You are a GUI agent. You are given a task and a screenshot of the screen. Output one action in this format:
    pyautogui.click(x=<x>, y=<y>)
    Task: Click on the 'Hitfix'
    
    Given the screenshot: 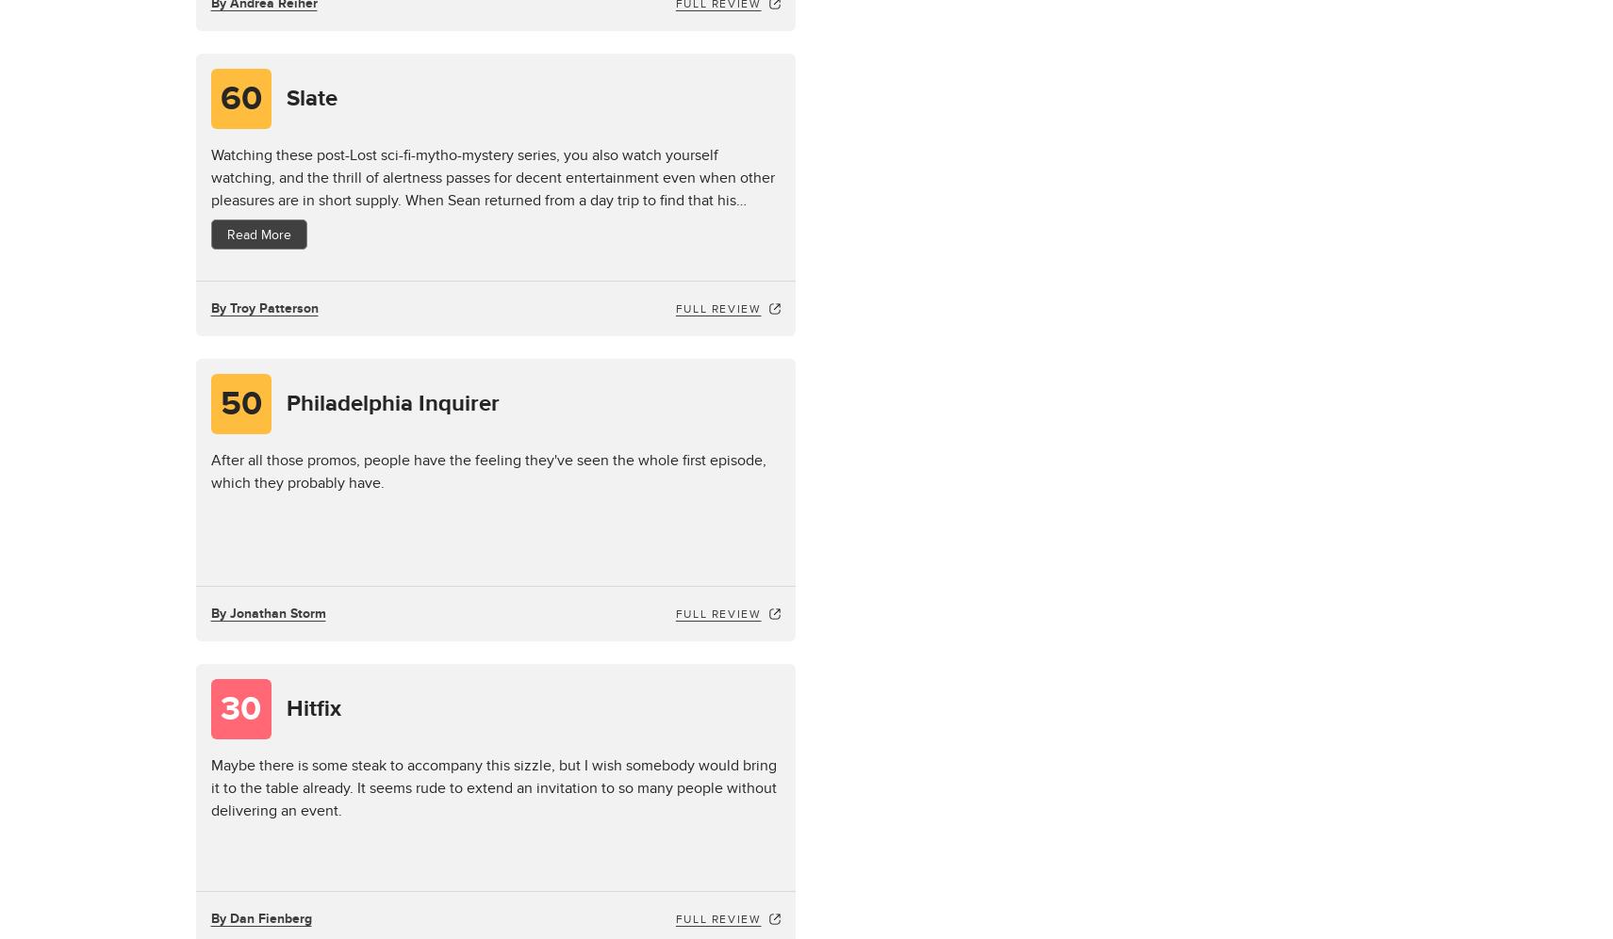 What is the action you would take?
    pyautogui.click(x=312, y=708)
    